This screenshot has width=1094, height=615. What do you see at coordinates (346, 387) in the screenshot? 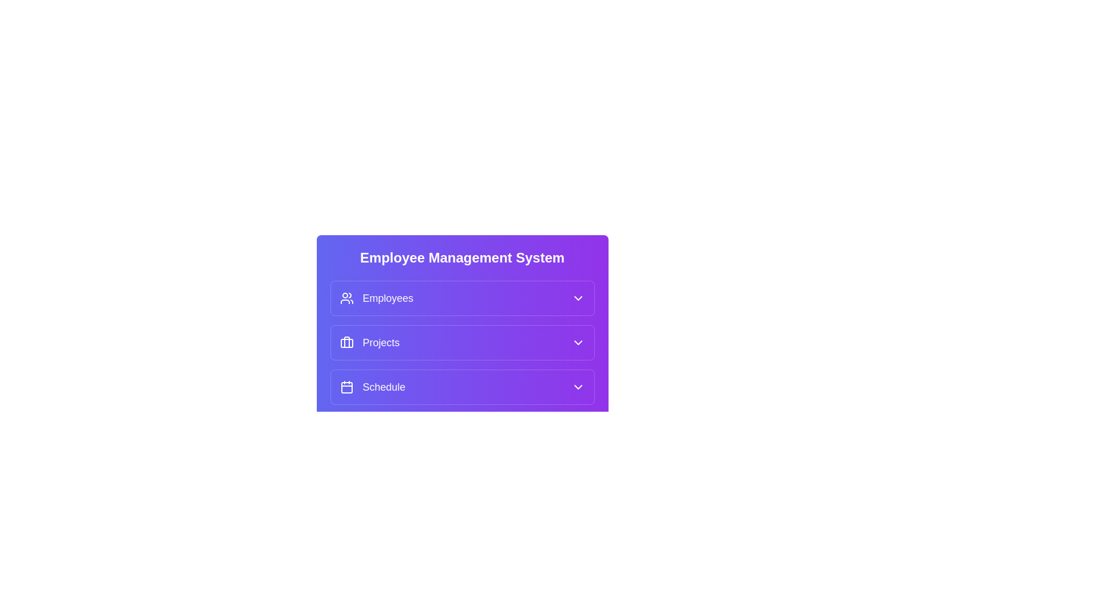
I see `the small purple rectangular component with rounded corners located in the 'Schedule' row of the sidebar, specifically nested within the calendar icon` at bounding box center [346, 387].